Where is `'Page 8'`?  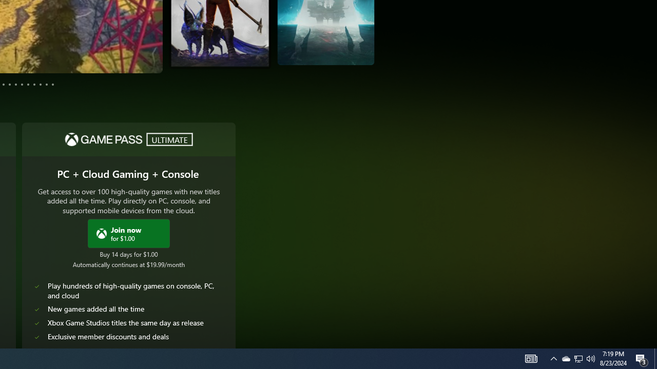
'Page 8' is located at coordinates (28, 84).